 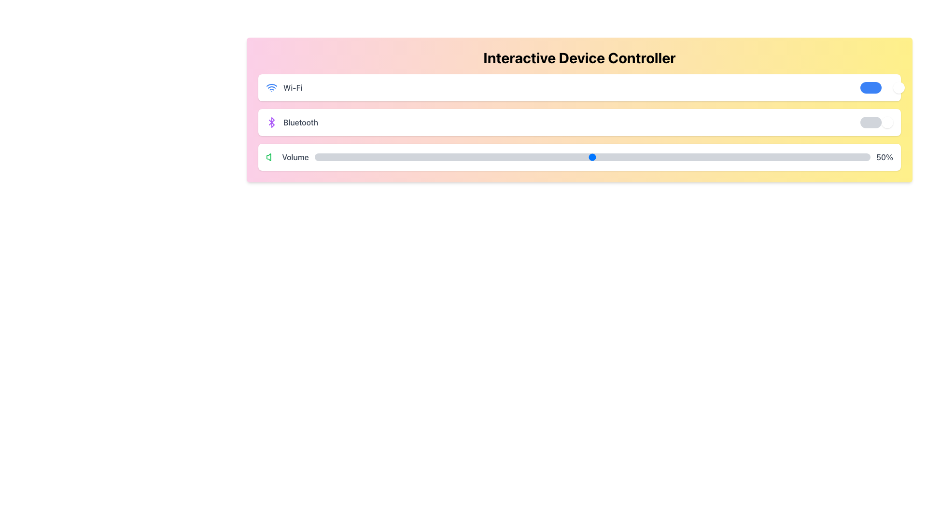 I want to click on volume, so click(x=481, y=157).